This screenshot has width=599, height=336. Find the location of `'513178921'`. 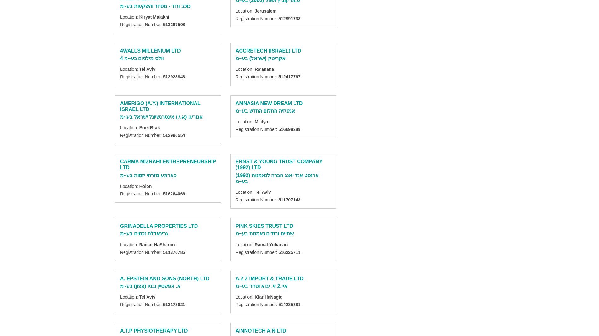

'513178921' is located at coordinates (163, 305).